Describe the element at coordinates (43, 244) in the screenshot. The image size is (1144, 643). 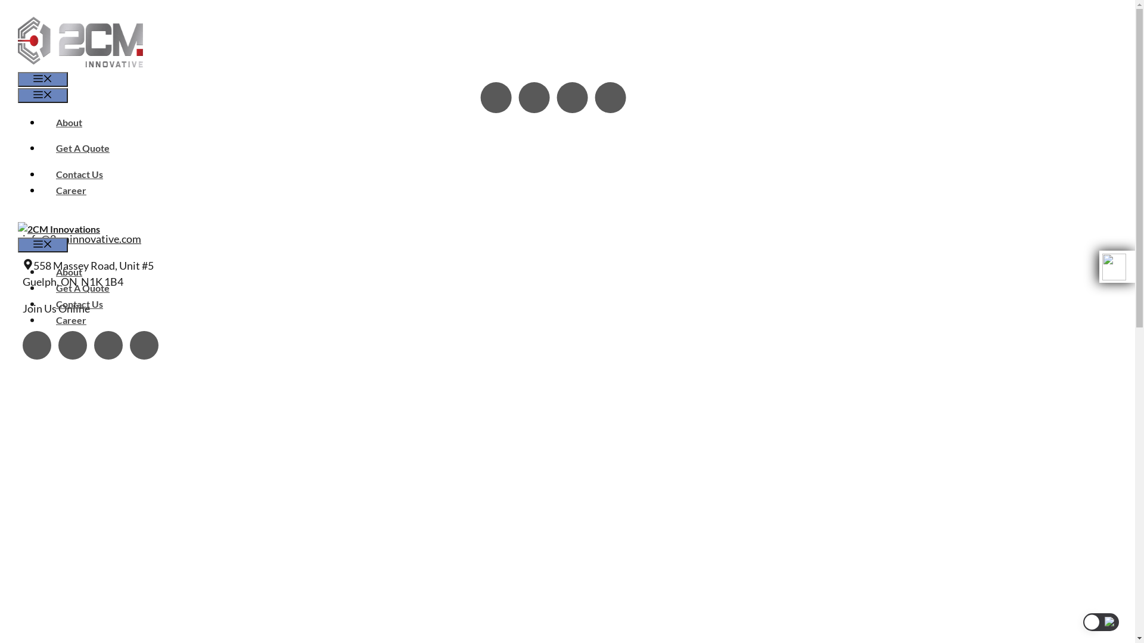
I see `'Menu'` at that location.